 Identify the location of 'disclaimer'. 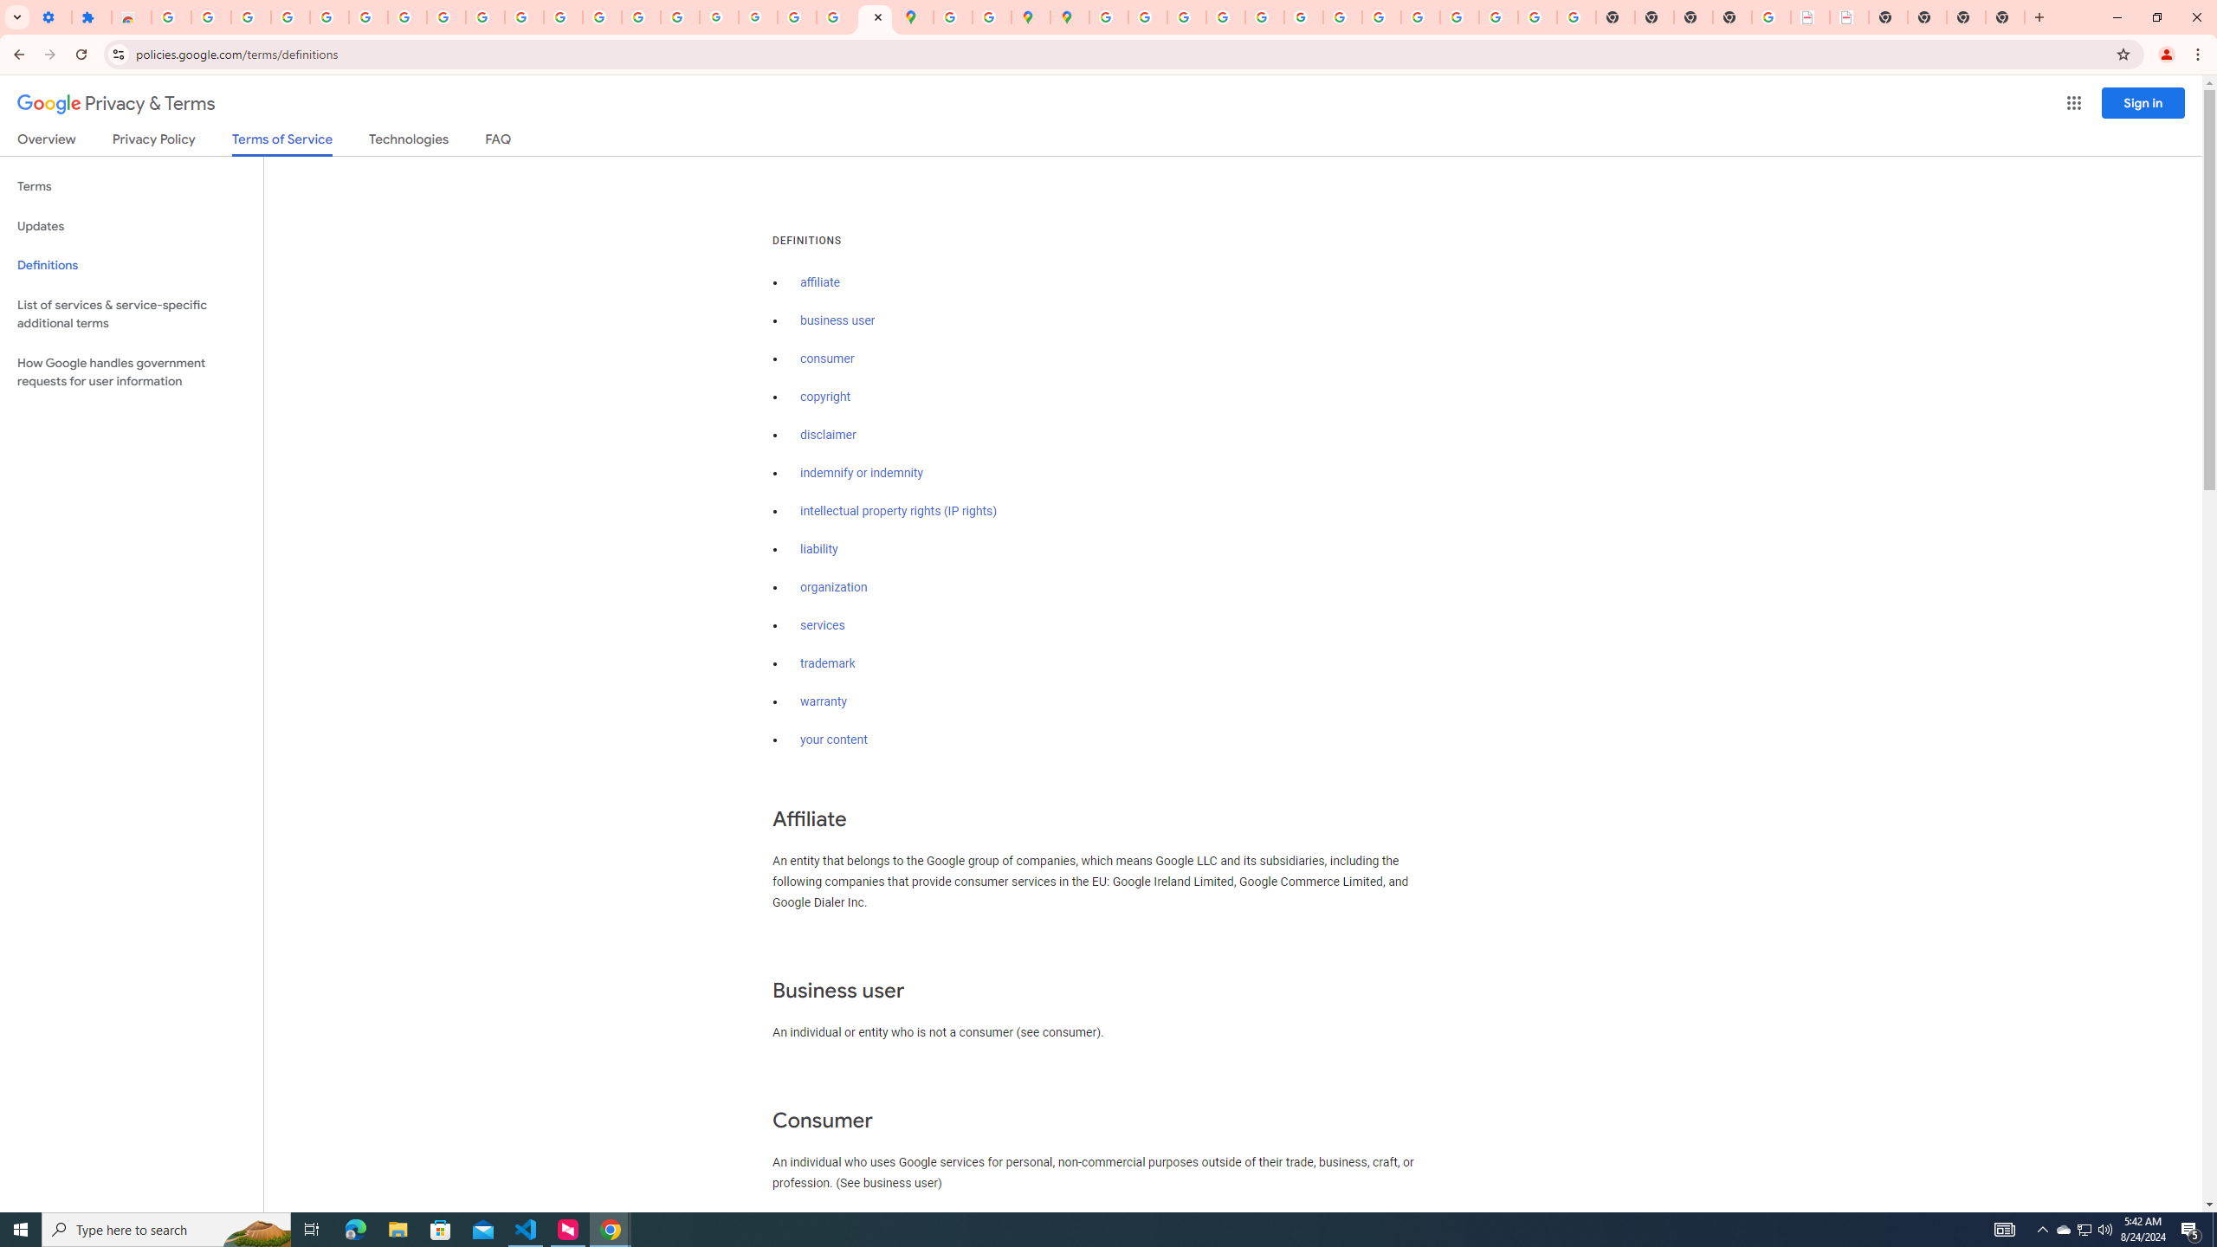
(827, 435).